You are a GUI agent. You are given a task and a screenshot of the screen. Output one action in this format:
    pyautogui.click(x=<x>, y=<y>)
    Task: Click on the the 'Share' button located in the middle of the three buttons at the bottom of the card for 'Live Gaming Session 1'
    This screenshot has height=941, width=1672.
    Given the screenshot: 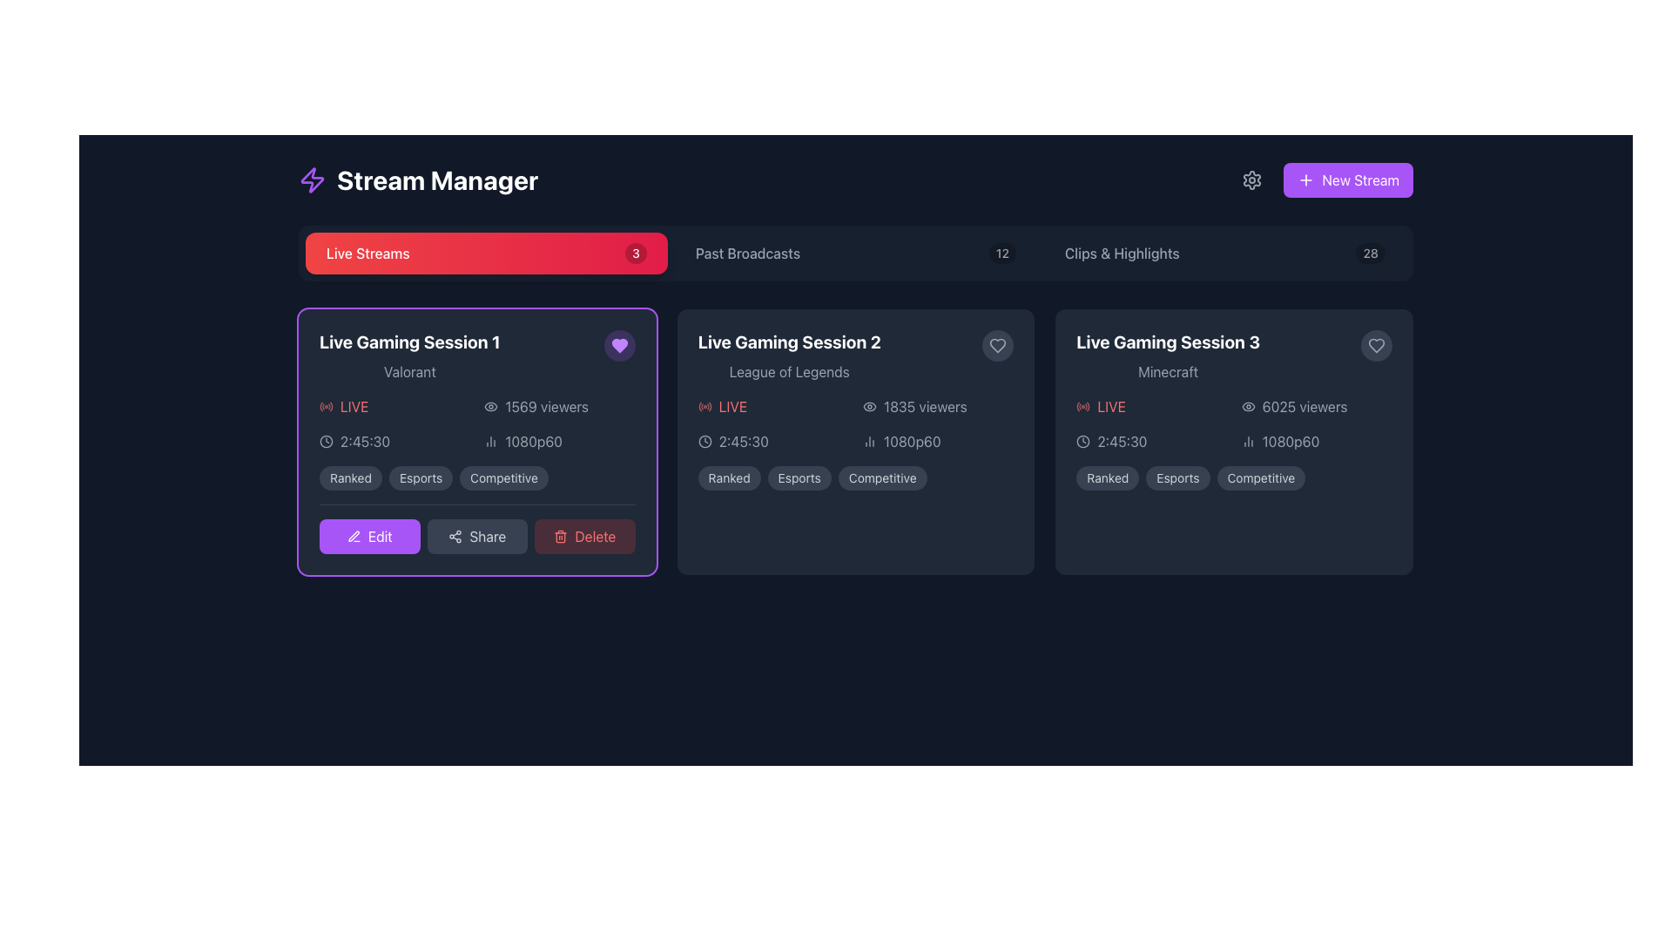 What is the action you would take?
    pyautogui.click(x=476, y=536)
    